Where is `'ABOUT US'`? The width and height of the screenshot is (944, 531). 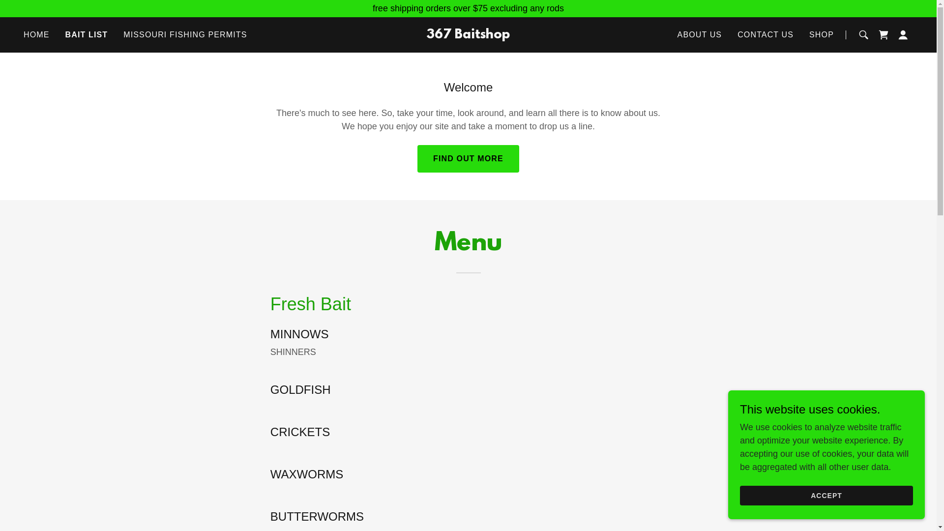 'ABOUT US' is located at coordinates (699, 34).